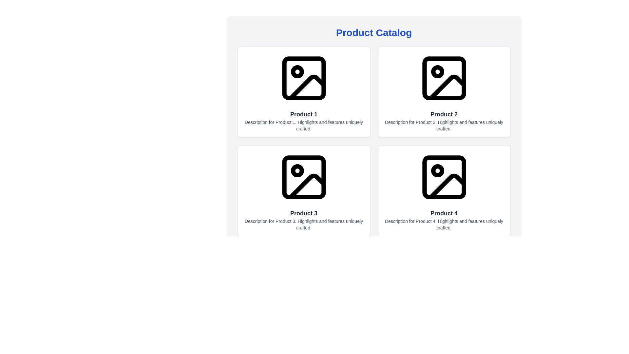 This screenshot has height=354, width=629. I want to click on the icon representing a picture or image, styled with black outlines, located in the top-left quadrant of the 'Product Catalog' grid within the card titled 'Product 1', so click(303, 78).